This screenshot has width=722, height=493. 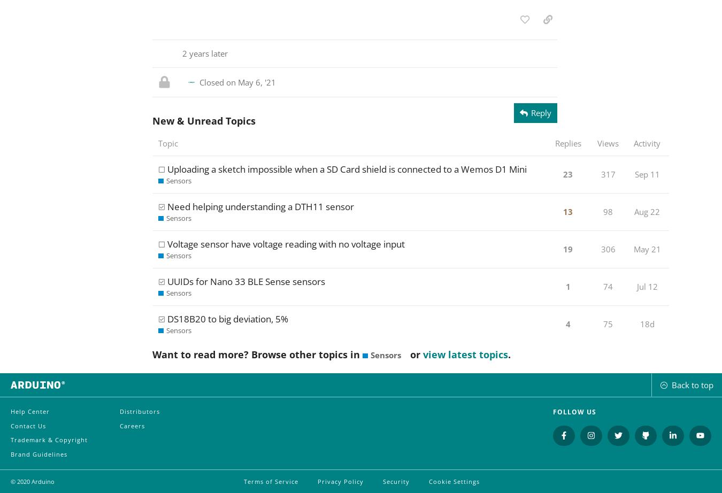 What do you see at coordinates (48, 439) in the screenshot?
I see `'Trademark &
          Copyright'` at bounding box center [48, 439].